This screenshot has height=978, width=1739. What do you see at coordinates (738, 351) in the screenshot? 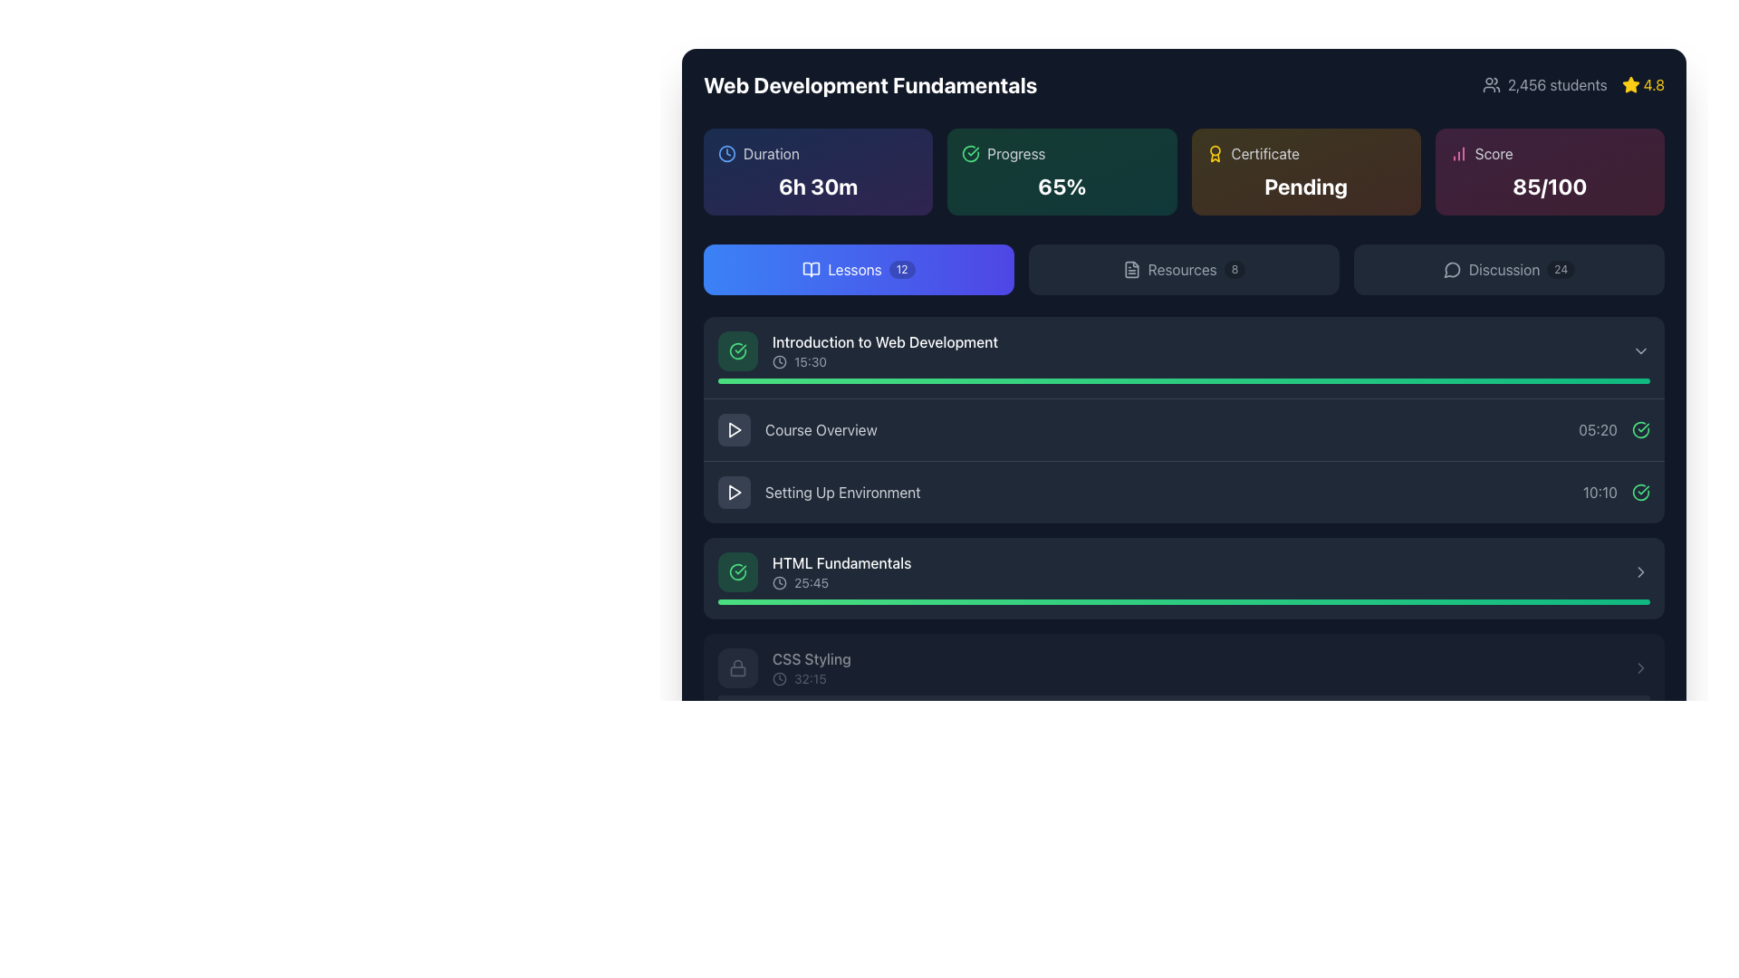
I see `the circular graphic icon with a green outline and a check mark inside, located to the left of the text 'Introduction to Web Development' and above the text '15:30'` at bounding box center [738, 351].